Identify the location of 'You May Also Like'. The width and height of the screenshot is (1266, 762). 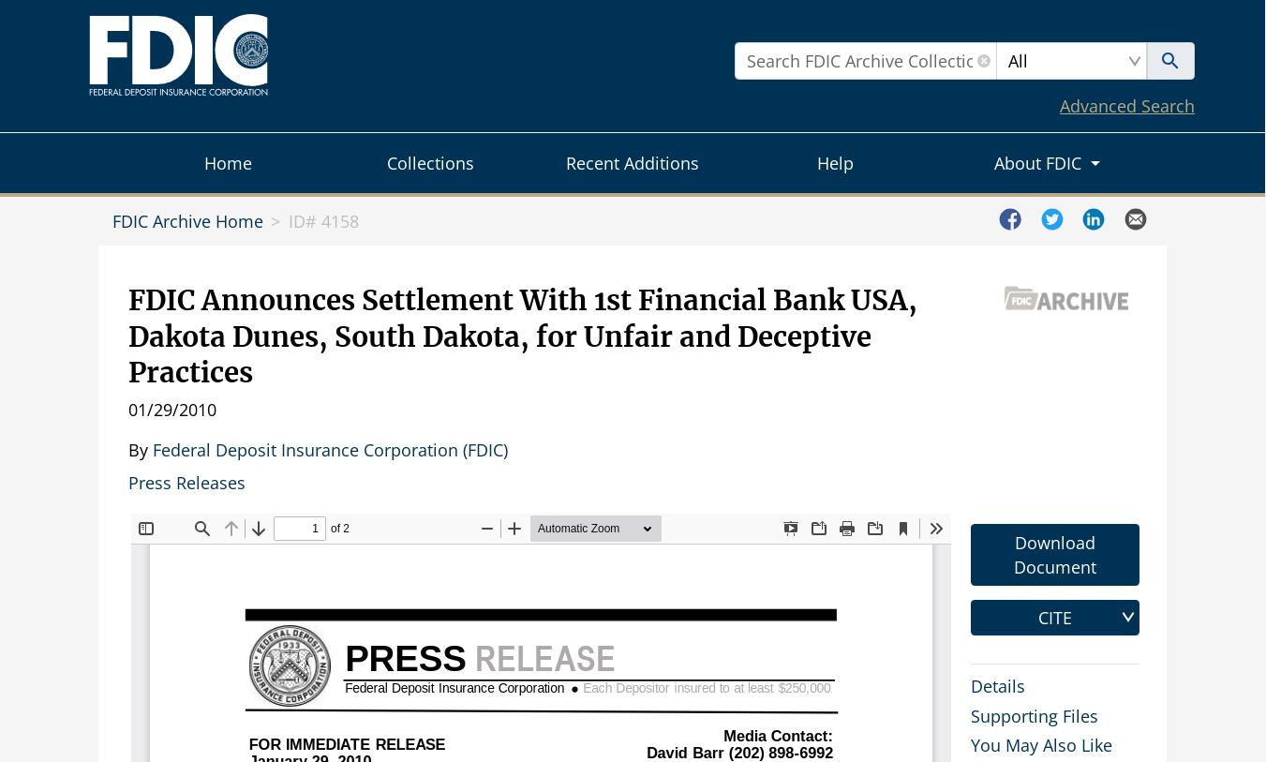
(1041, 745).